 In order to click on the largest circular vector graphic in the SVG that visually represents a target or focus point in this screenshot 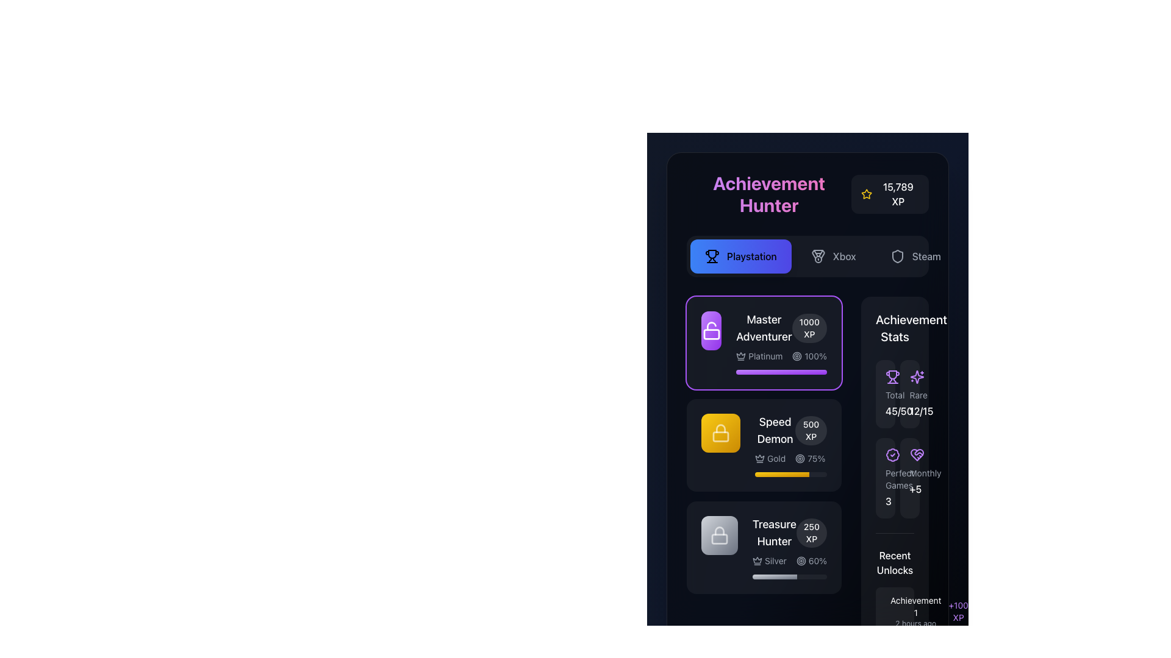, I will do `click(801, 561)`.